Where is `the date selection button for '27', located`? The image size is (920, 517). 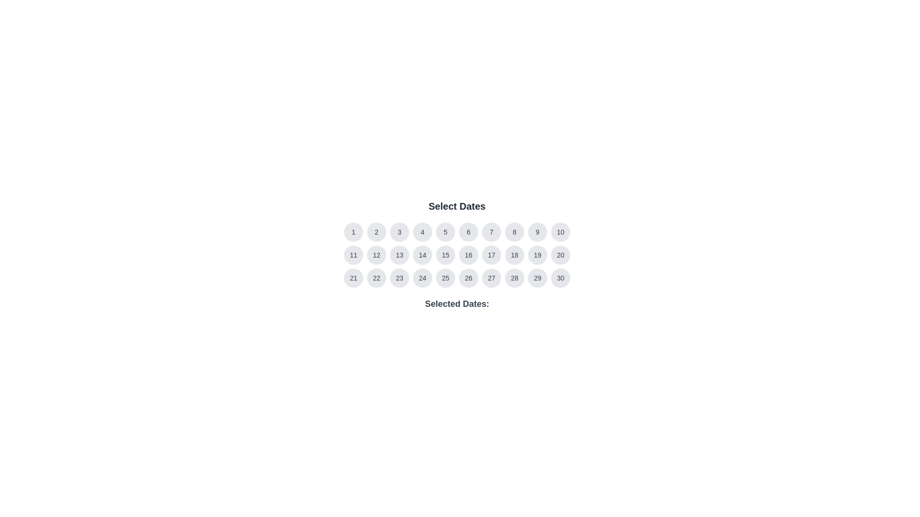 the date selection button for '27', located is located at coordinates (492, 278).